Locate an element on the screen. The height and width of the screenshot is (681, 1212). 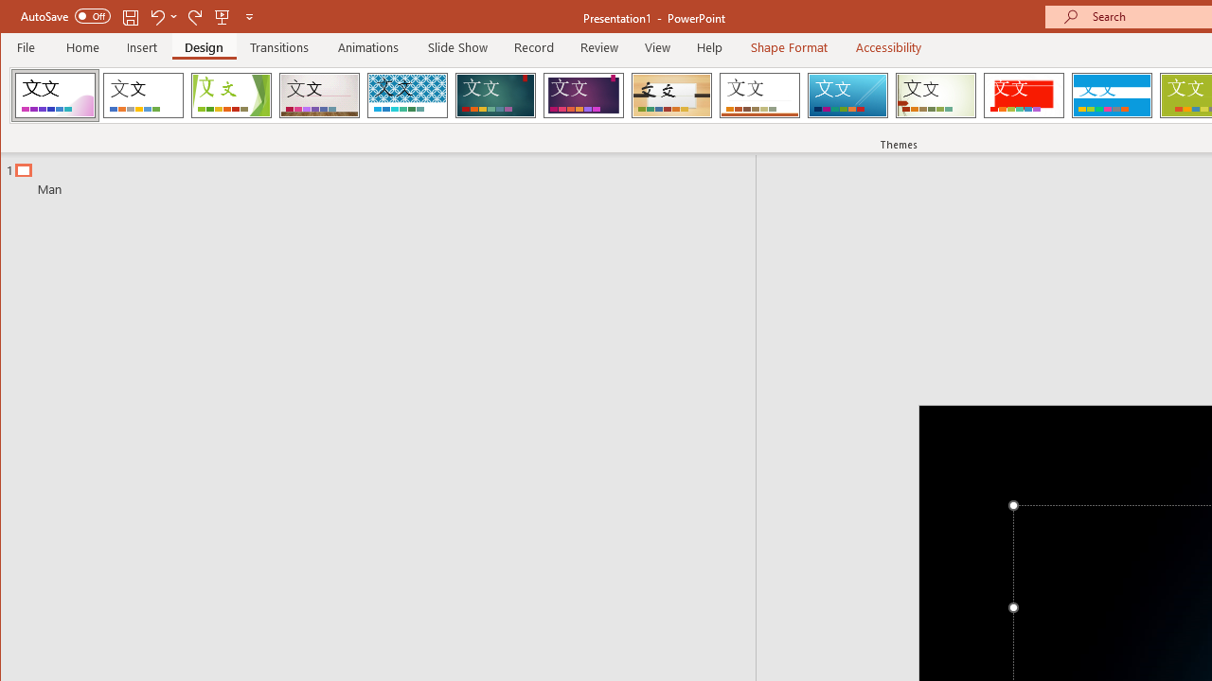
'Slice' is located at coordinates (847, 95).